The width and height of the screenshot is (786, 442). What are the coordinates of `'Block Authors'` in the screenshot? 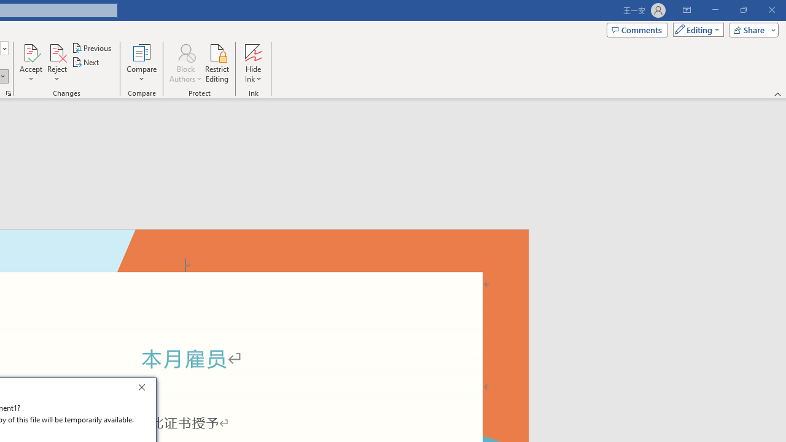 It's located at (185, 63).